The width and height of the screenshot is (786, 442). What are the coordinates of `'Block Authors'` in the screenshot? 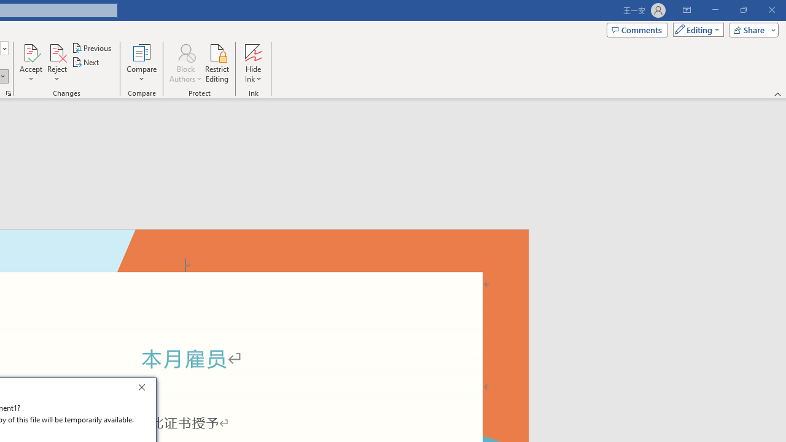 It's located at (185, 63).